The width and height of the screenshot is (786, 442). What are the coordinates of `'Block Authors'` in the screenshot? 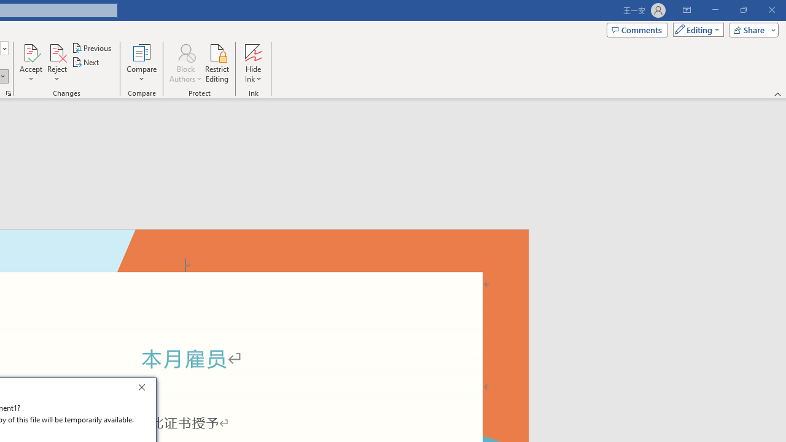 It's located at (185, 63).